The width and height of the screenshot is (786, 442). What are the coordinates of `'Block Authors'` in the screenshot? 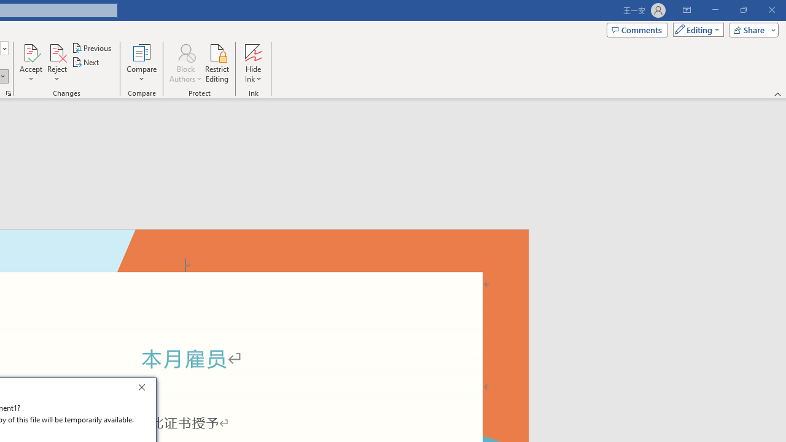 It's located at (185, 63).